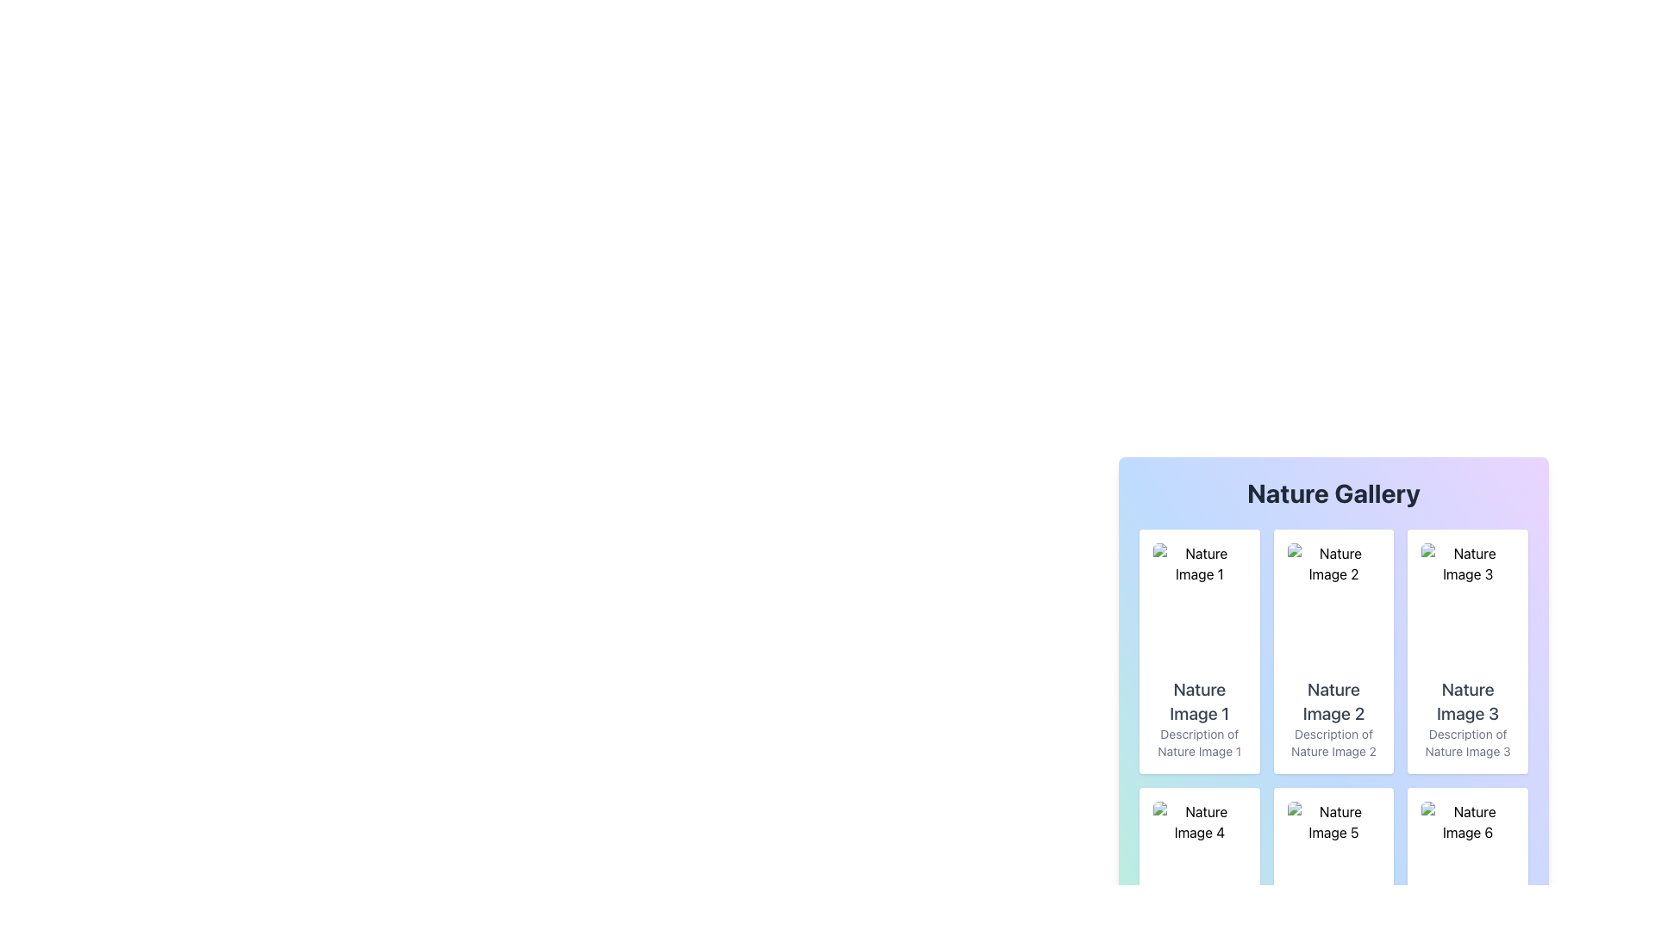  I want to click on the text label that serves as a title or label for the corresponding image above it, positioned centrally in the middle column of the gallery layout, so click(1198, 701).